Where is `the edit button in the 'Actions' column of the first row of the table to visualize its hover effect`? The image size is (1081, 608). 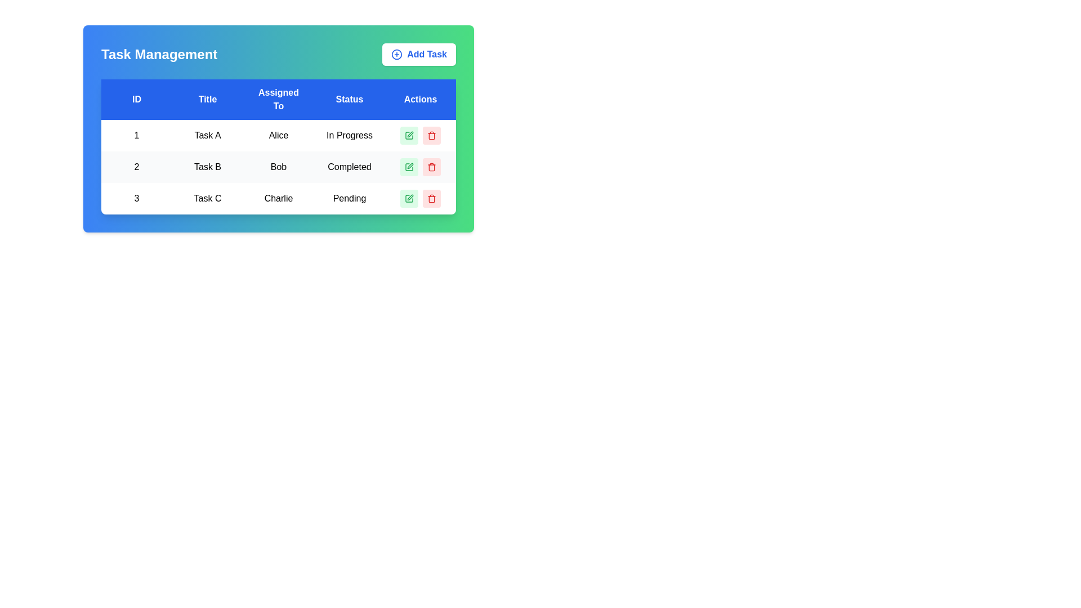 the edit button in the 'Actions' column of the first row of the table to visualize its hover effect is located at coordinates (408, 135).